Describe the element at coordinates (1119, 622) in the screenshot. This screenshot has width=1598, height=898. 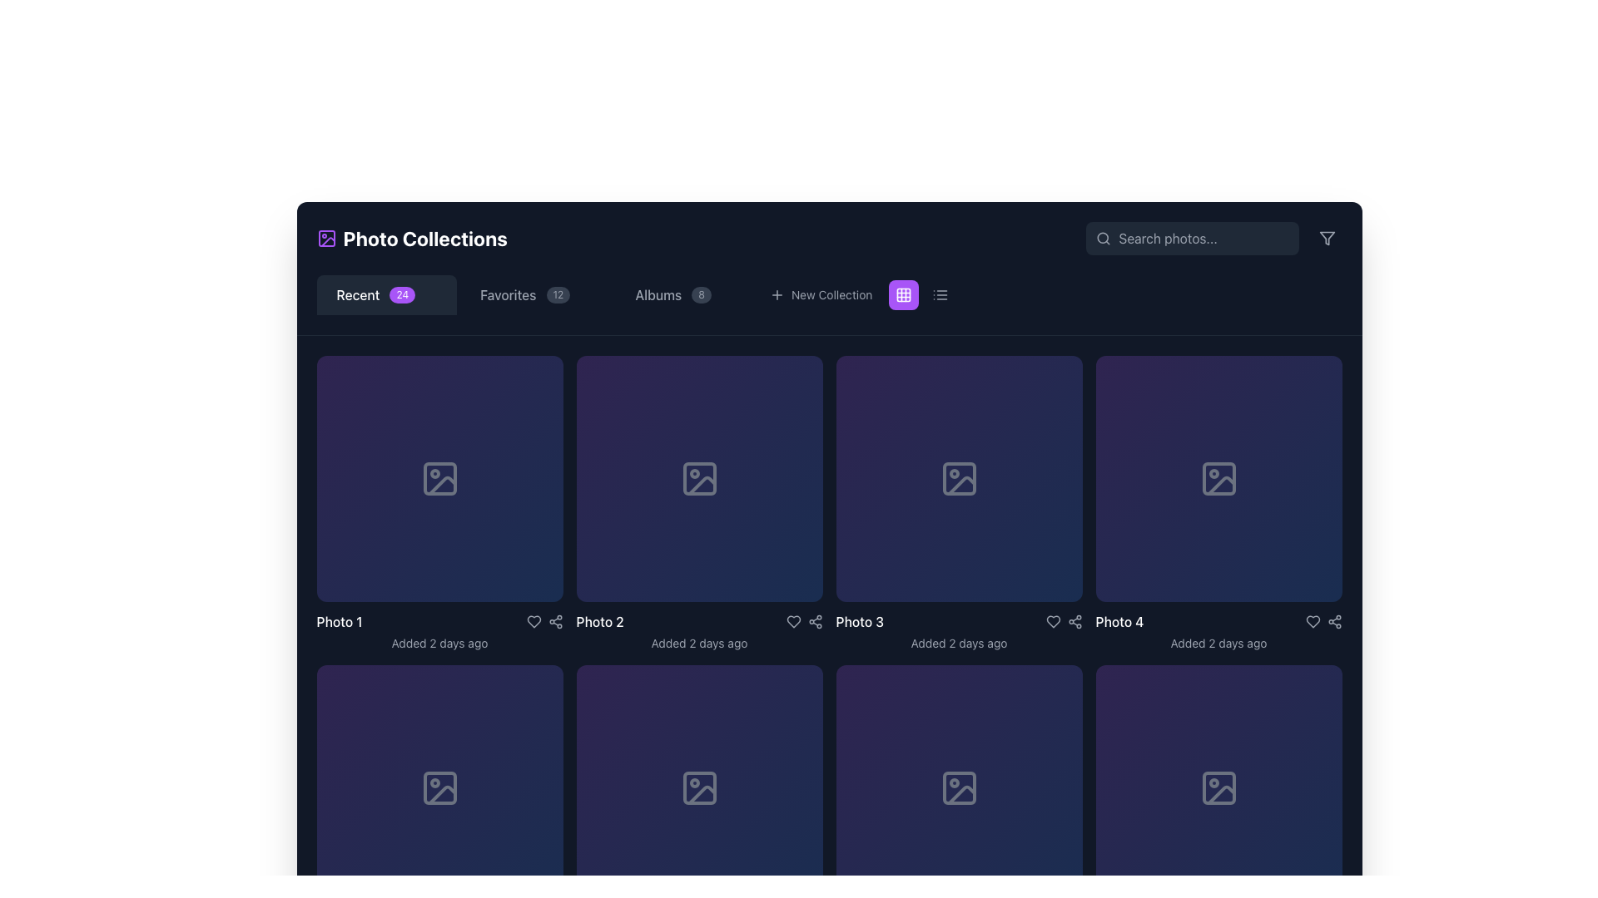
I see `the text label that displays 'Photo 4' in a gallery layout, positioned below the placeholder image and above the metadata text 'Added 2 days ago'` at that location.